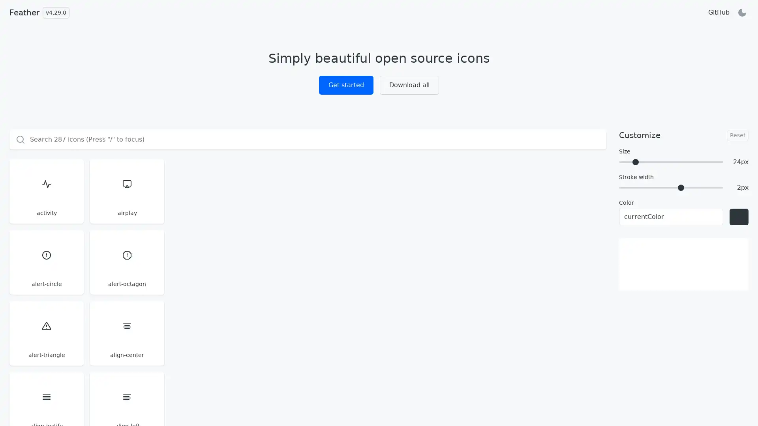 The width and height of the screenshot is (758, 426). I want to click on arrow-up-right, so click(307, 333).